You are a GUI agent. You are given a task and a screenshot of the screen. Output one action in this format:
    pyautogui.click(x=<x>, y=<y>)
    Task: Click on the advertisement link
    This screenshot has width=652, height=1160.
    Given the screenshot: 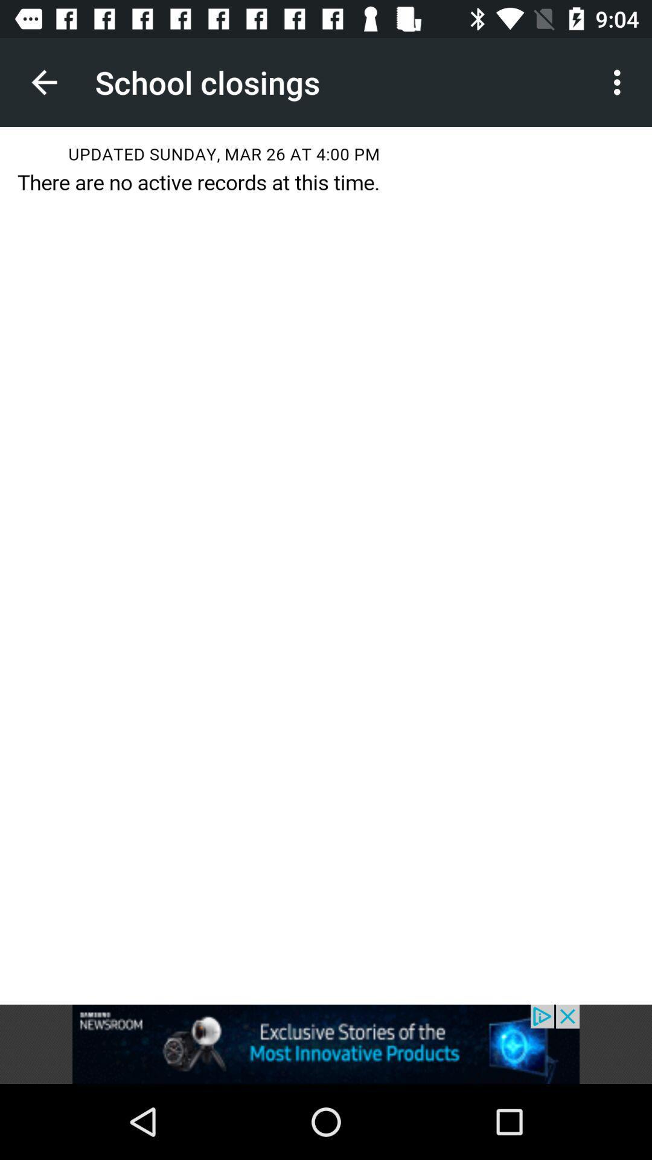 What is the action you would take?
    pyautogui.click(x=326, y=1043)
    